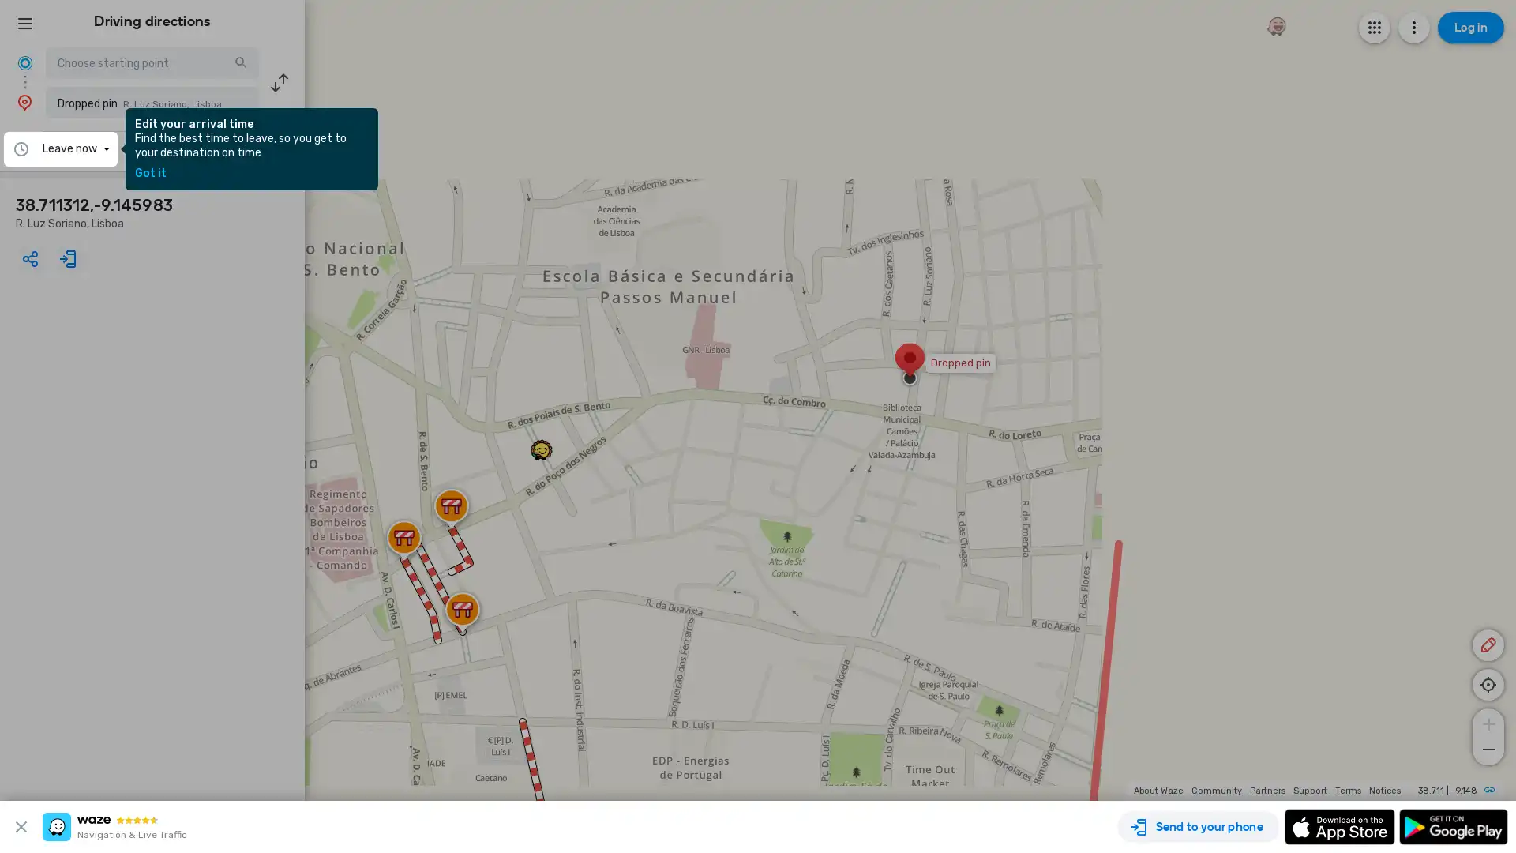 This screenshot has width=1516, height=853. What do you see at coordinates (152, 103) in the screenshot?
I see `Dropped pin R. Luz Soriano, Lisboa` at bounding box center [152, 103].